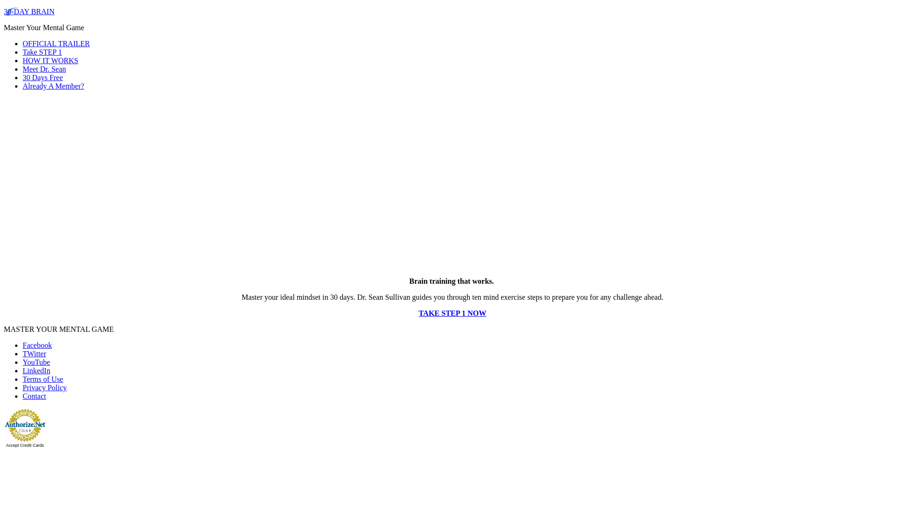 Image resolution: width=905 pixels, height=509 pixels. What do you see at coordinates (53, 86) in the screenshot?
I see `'Already A Member?'` at bounding box center [53, 86].